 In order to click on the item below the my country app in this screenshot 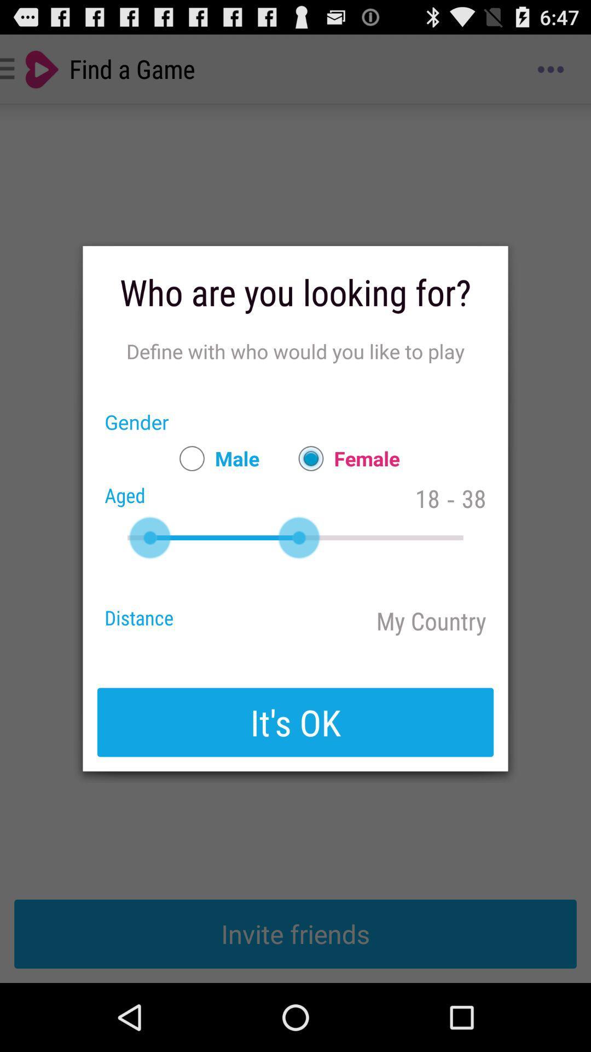, I will do `click(296, 722)`.